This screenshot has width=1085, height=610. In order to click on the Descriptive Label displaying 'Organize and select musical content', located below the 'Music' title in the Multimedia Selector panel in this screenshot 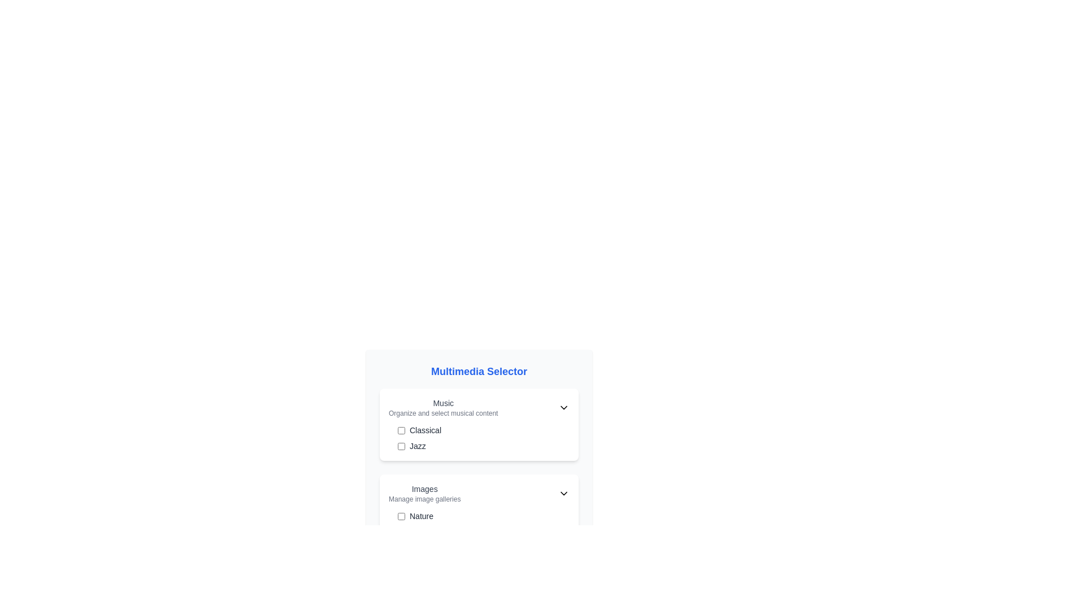, I will do `click(442, 413)`.